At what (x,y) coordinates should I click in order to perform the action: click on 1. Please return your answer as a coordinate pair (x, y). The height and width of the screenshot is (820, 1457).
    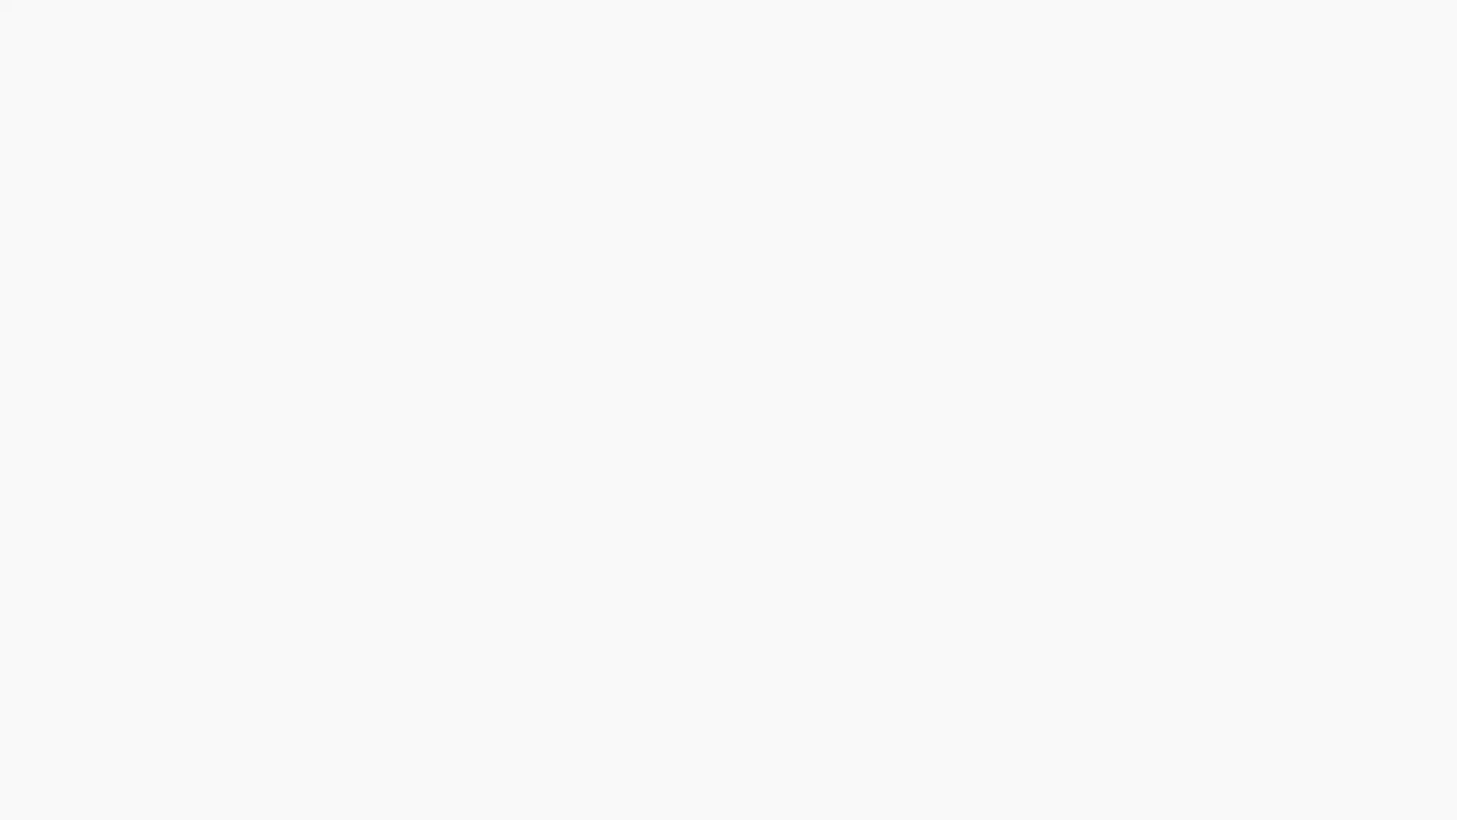
    Looking at the image, I should click on (706, 553).